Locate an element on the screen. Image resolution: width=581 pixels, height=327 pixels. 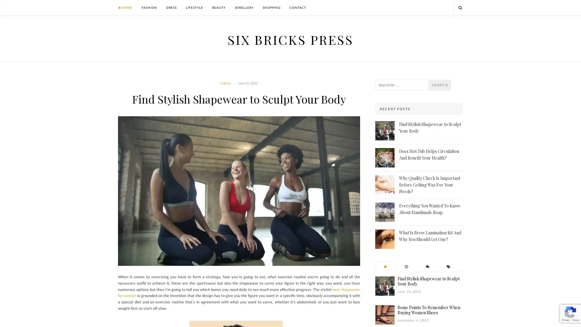
SEARCH is located at coordinates (440, 85).